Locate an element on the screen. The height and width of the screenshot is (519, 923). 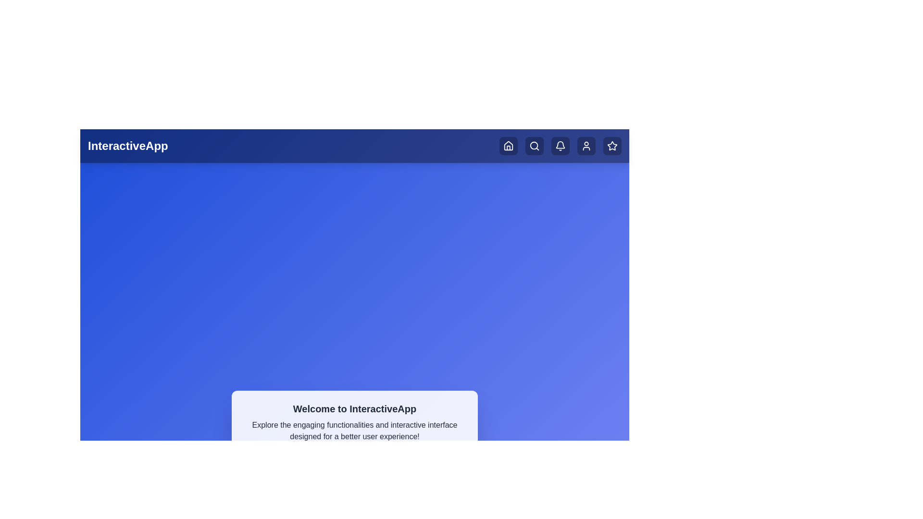
the home navigation button to navigate to the respective section is located at coordinates (508, 146).